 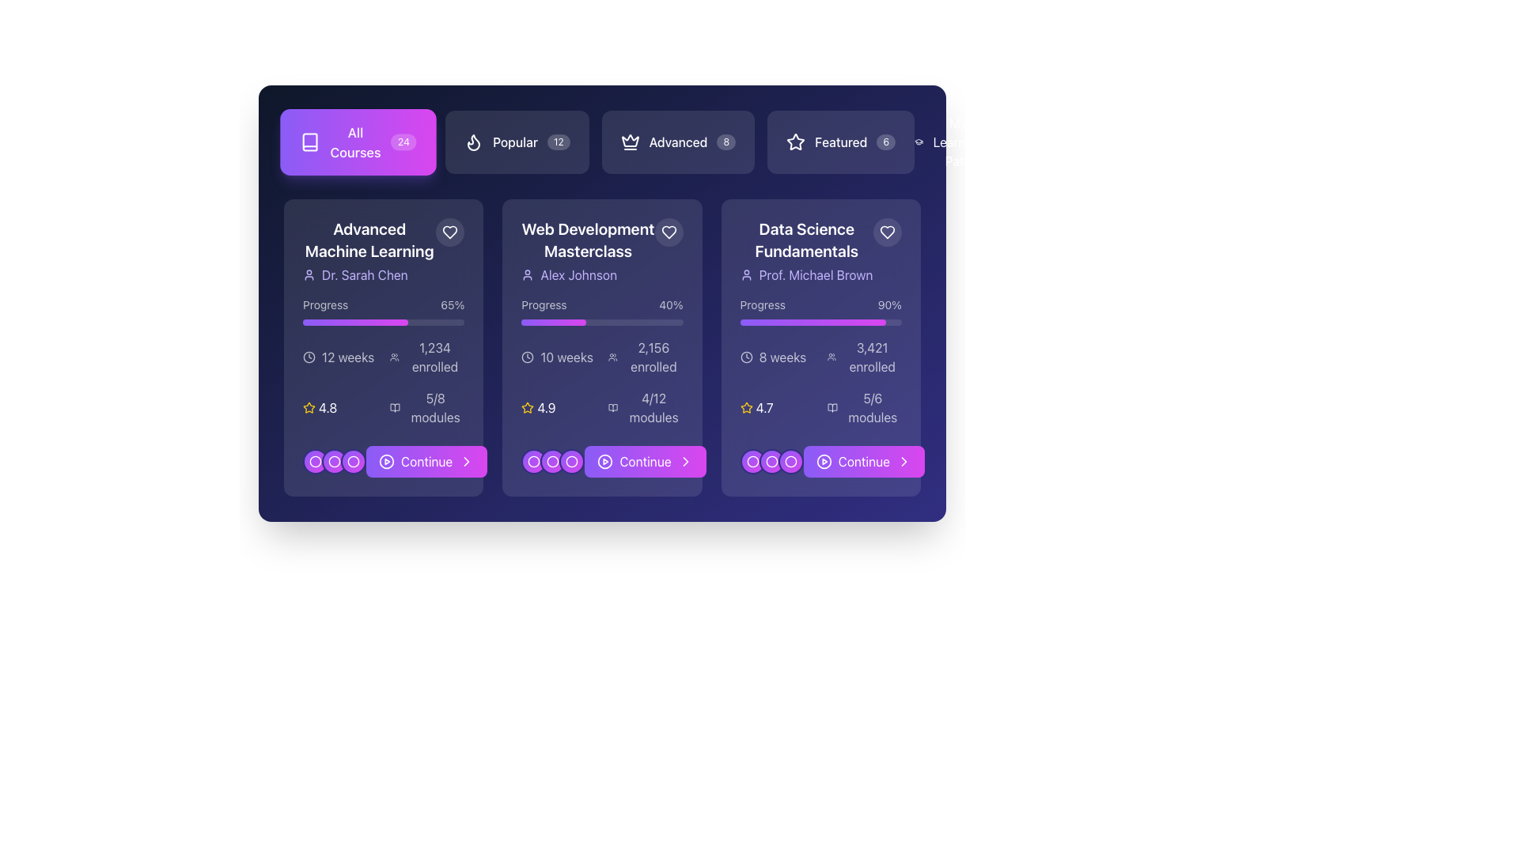 I want to click on the yellow star icon with a hollow interior and solid outline located next to the text '4.8' in the first card of the list for interaction feedback, so click(x=309, y=407).